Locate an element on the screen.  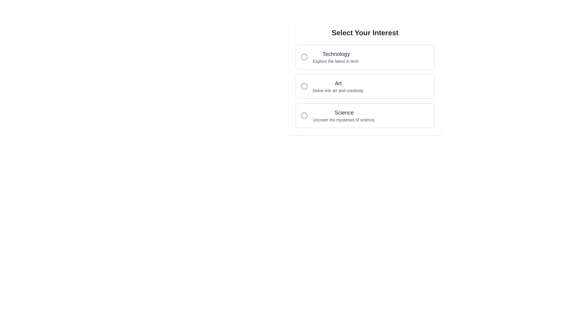
the 'Science' radio button option, which features a circular icon and a modern rounded border design, positioned under the 'Select Your Interest' heading is located at coordinates (365, 115).